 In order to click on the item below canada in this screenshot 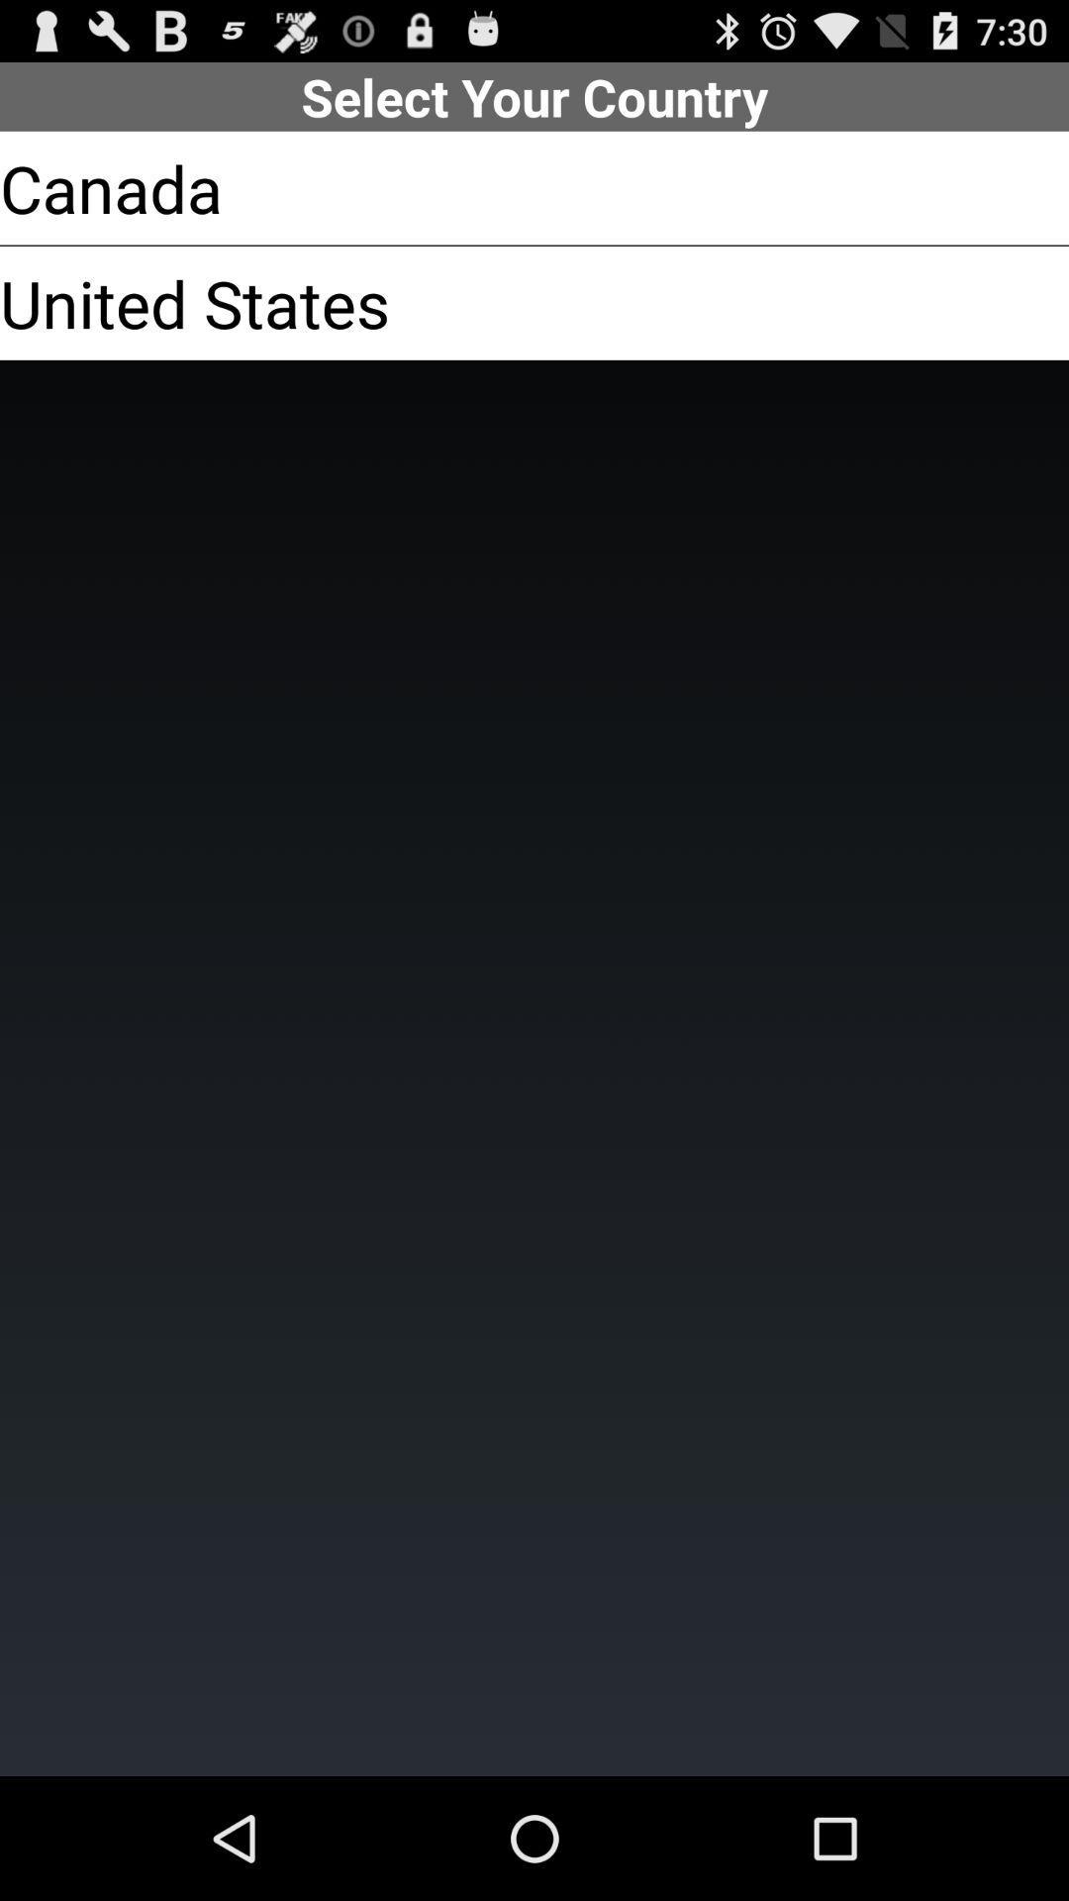, I will do `click(194, 302)`.